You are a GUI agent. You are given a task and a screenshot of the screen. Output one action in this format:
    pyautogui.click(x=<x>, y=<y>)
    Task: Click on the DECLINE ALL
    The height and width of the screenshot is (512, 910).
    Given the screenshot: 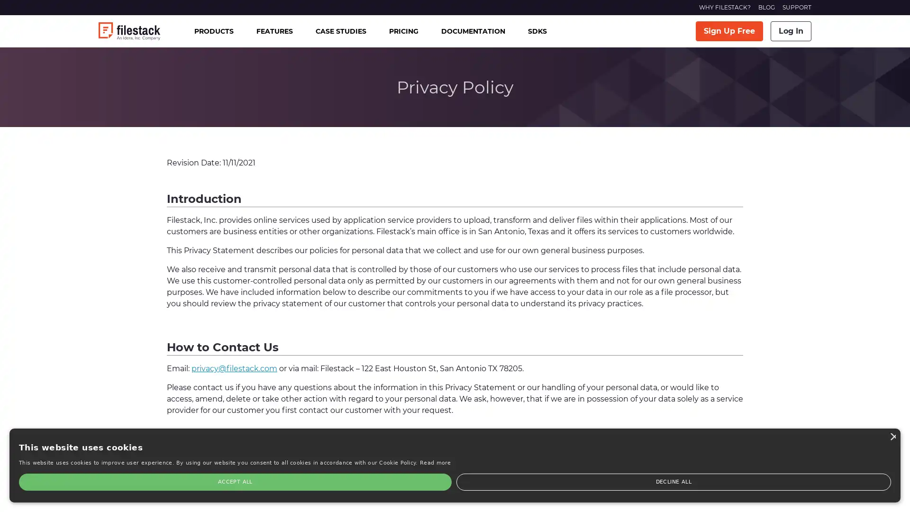 What is the action you would take?
    pyautogui.click(x=111, y=482)
    